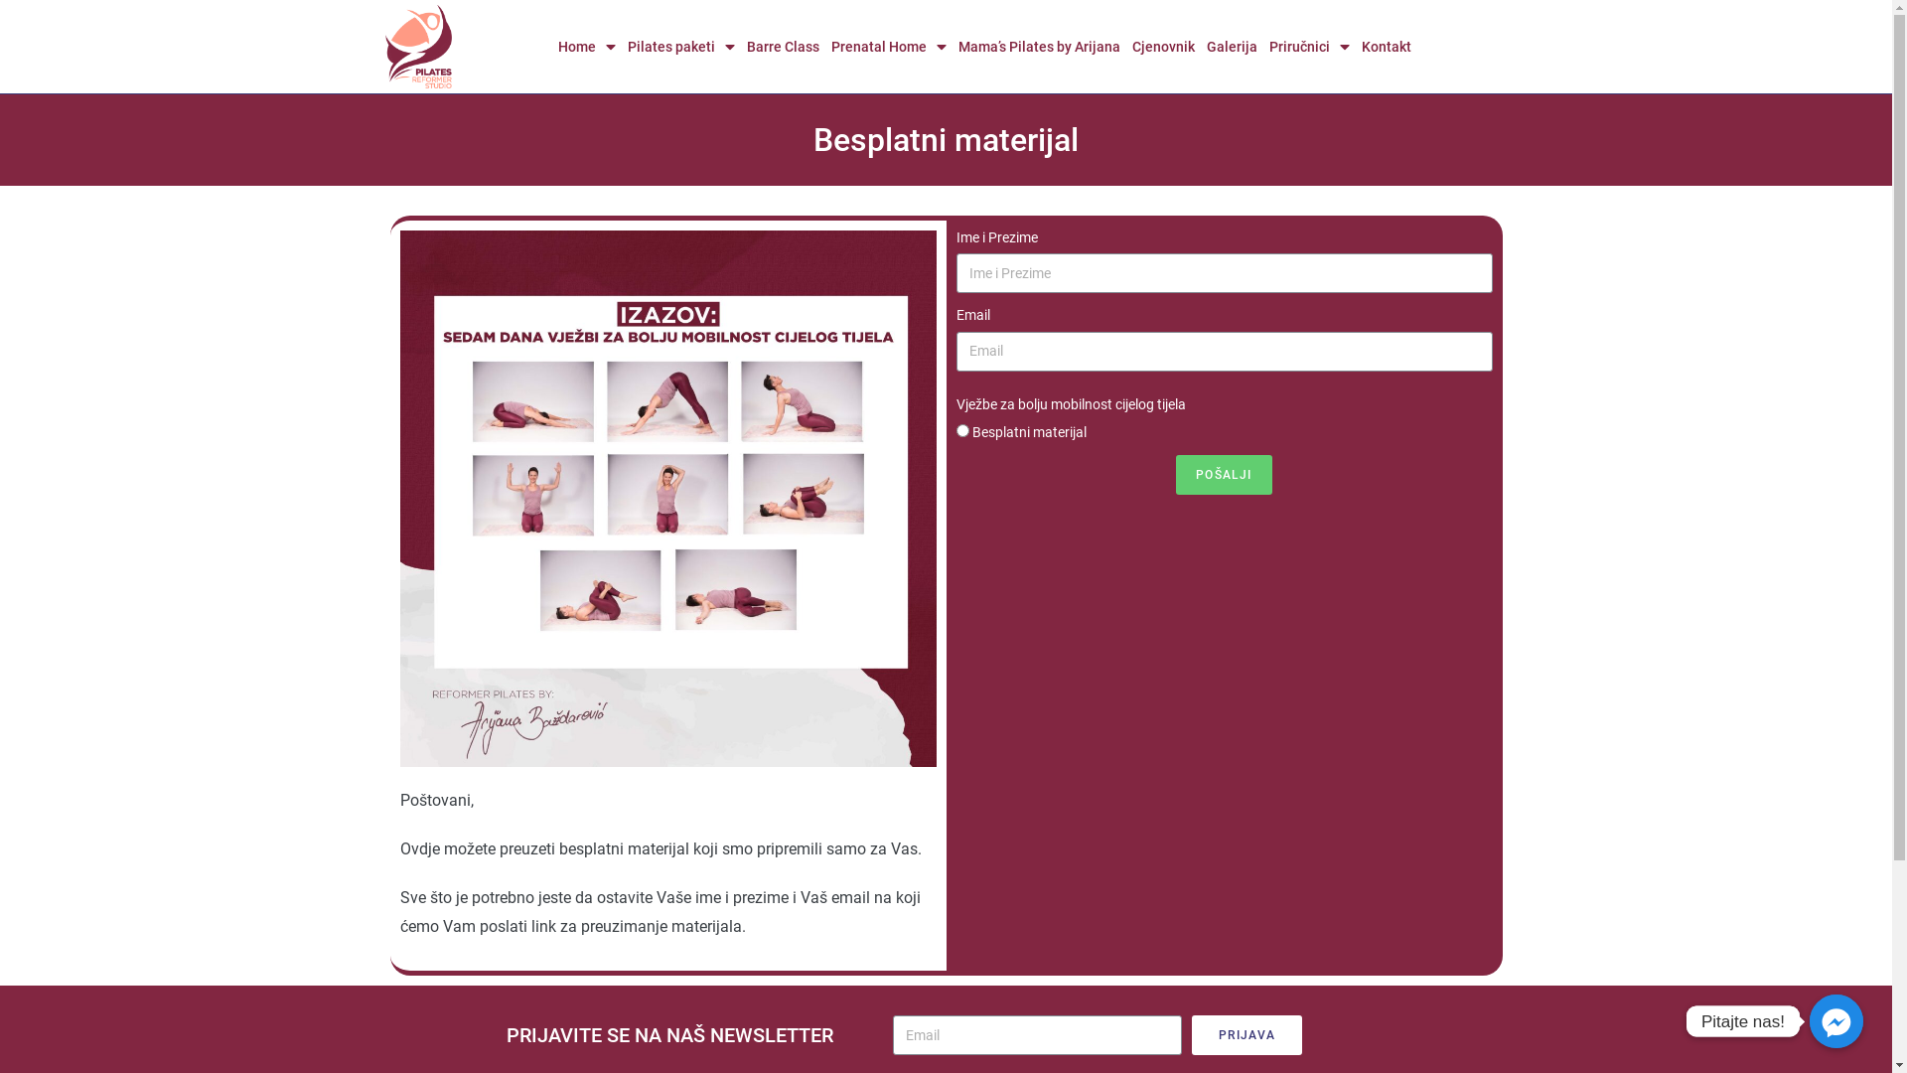 Image resolution: width=1907 pixels, height=1073 pixels. What do you see at coordinates (824, 45) in the screenshot?
I see `'Prenatal Home'` at bounding box center [824, 45].